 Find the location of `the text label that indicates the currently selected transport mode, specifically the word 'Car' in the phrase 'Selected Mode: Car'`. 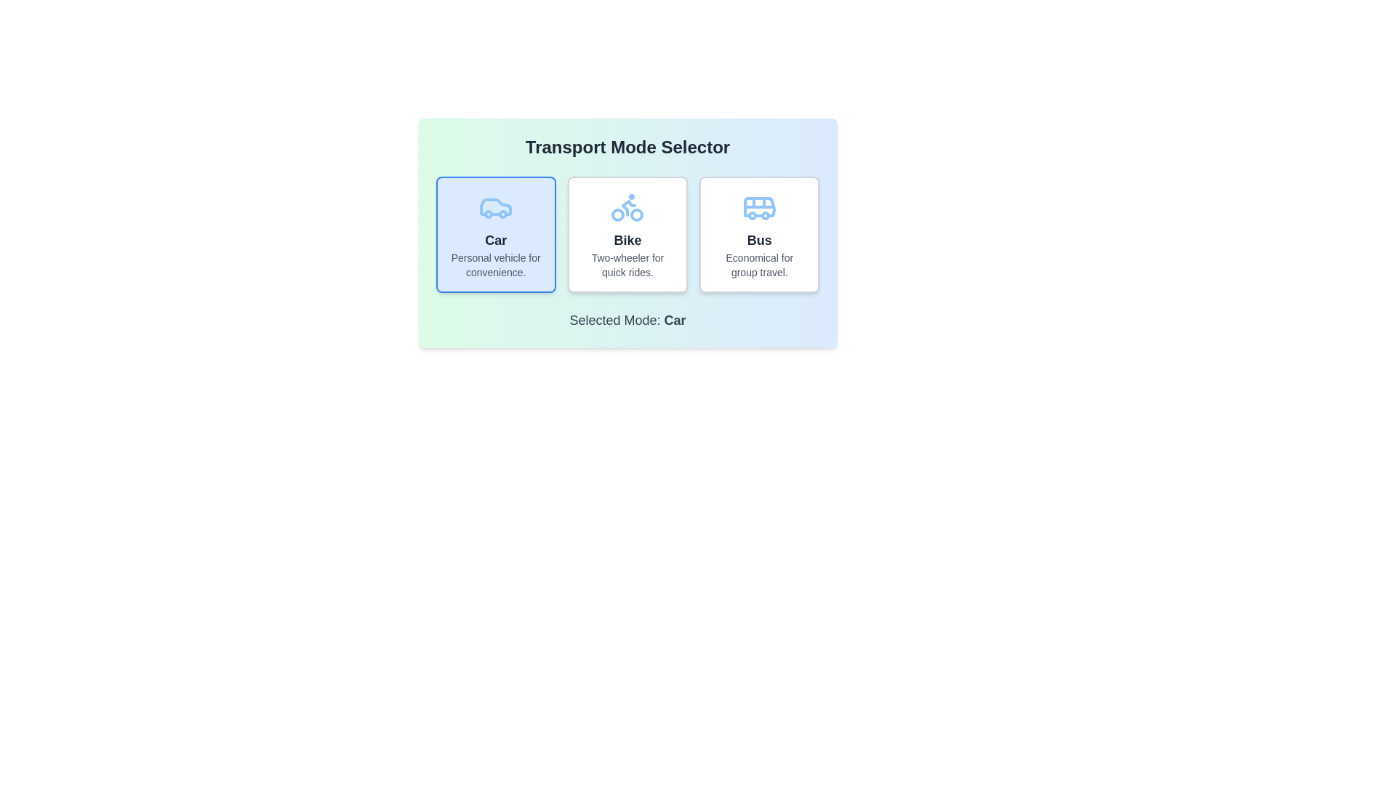

the text label that indicates the currently selected transport mode, specifically the word 'Car' in the phrase 'Selected Mode: Car' is located at coordinates (674, 319).